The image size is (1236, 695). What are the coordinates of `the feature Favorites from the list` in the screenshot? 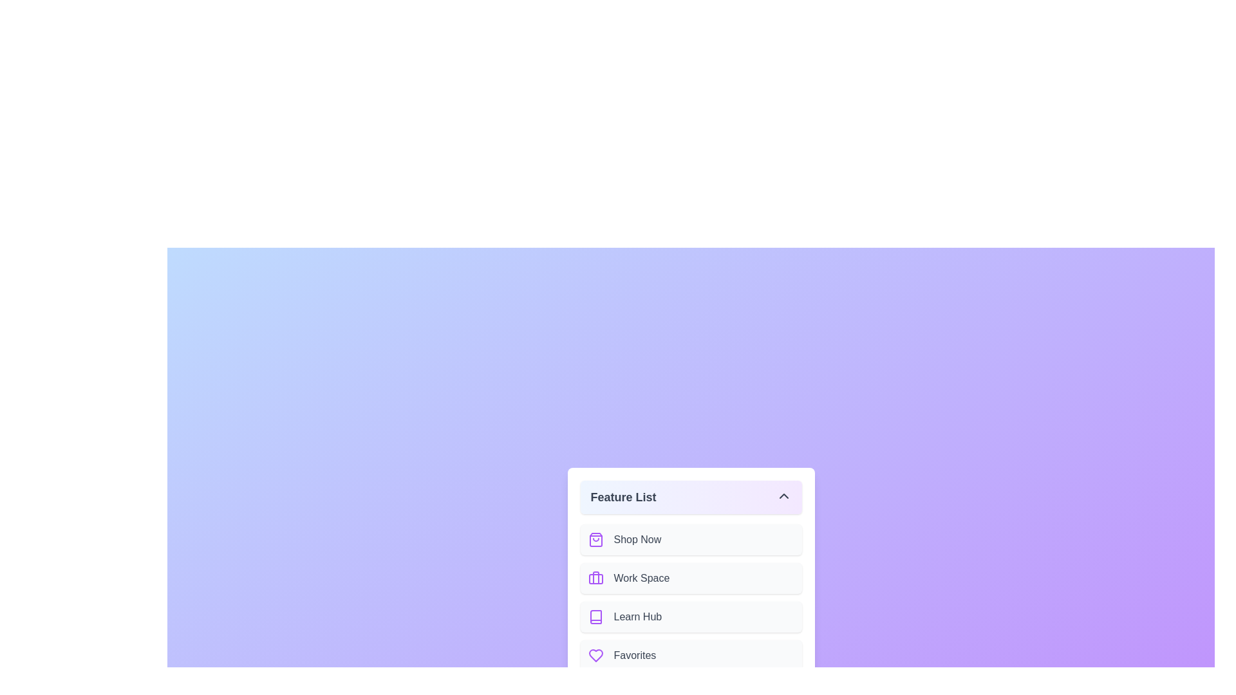 It's located at (690, 655).